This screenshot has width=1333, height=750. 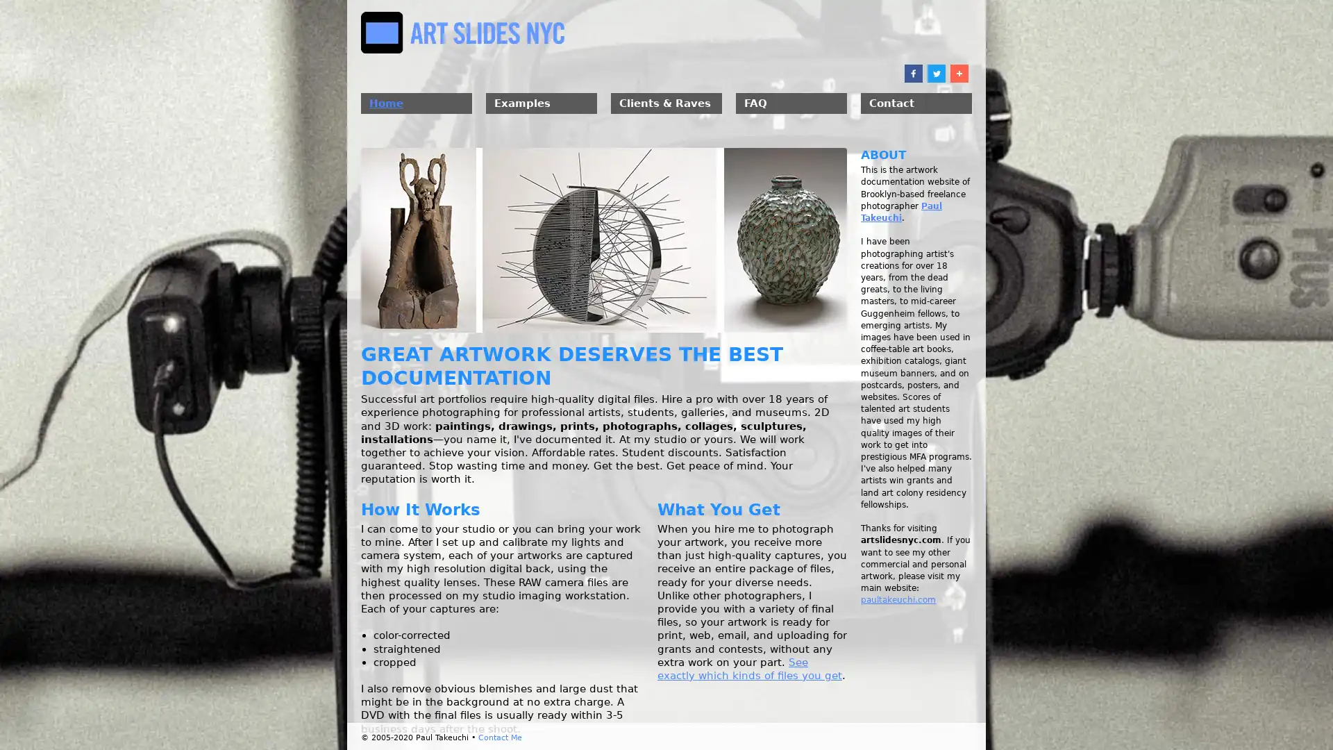 I want to click on Share to Facebook, so click(x=900, y=72).